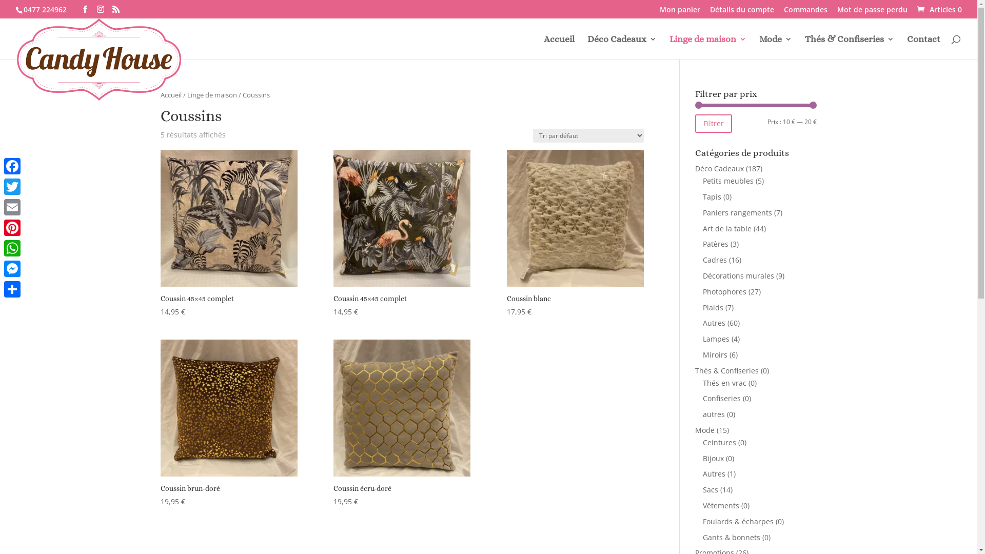 Image resolution: width=985 pixels, height=554 pixels. What do you see at coordinates (726, 228) in the screenshot?
I see `'Art de la table'` at bounding box center [726, 228].